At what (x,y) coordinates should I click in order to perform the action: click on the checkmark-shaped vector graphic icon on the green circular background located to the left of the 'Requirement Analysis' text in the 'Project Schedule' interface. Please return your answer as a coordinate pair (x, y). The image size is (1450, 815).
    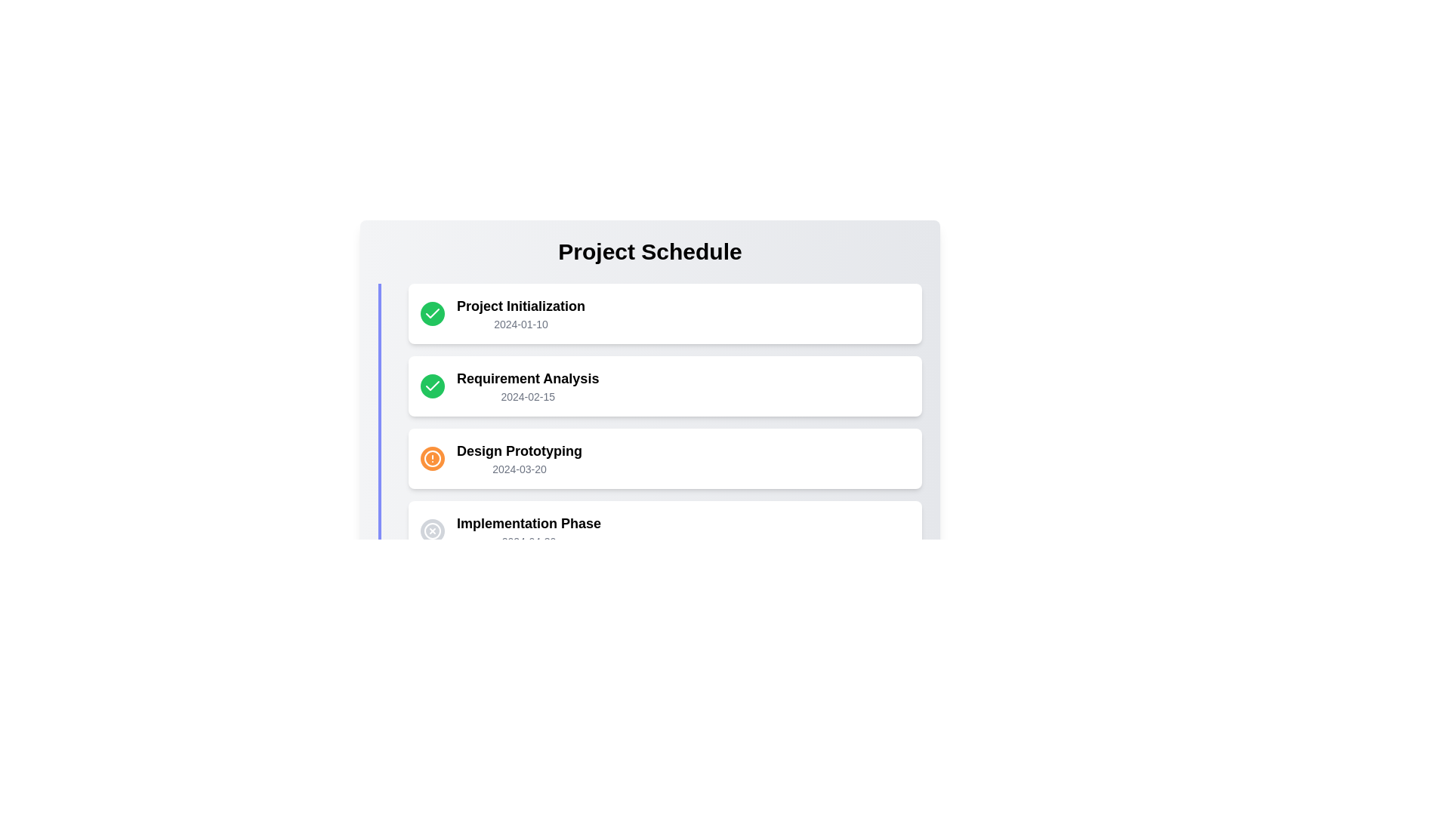
    Looking at the image, I should click on (431, 312).